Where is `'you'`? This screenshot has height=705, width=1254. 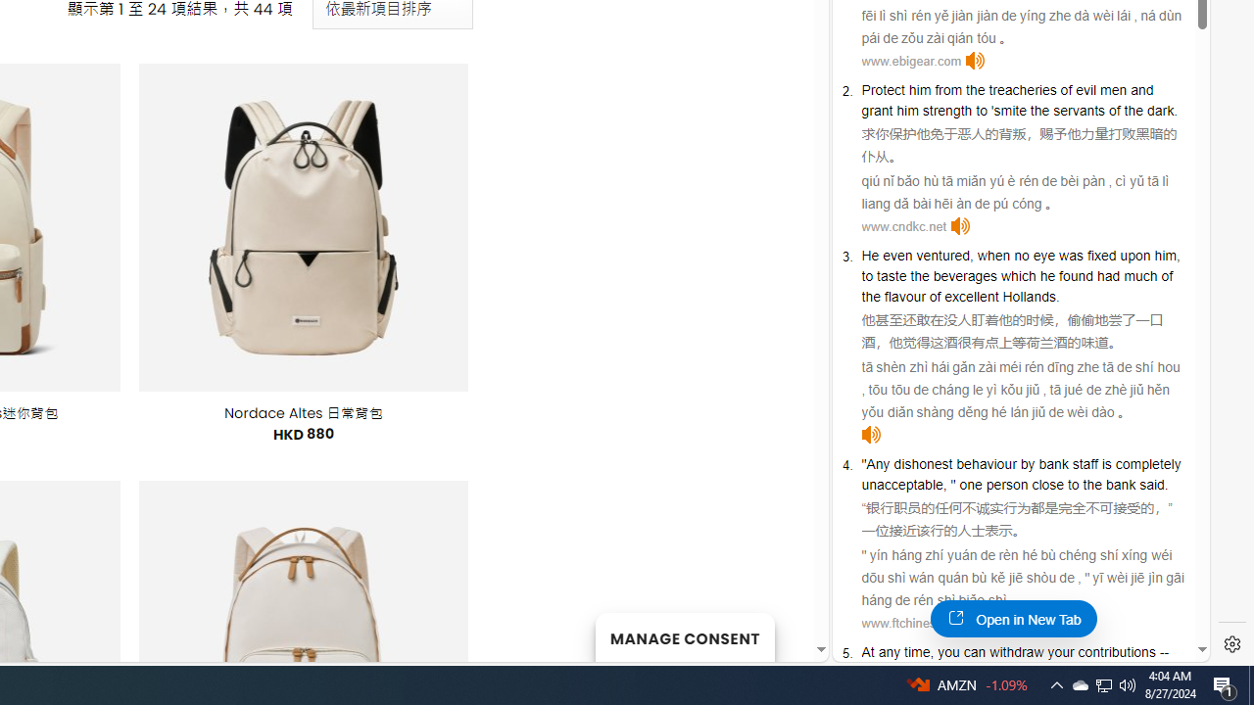
'you' is located at coordinates (948, 652).